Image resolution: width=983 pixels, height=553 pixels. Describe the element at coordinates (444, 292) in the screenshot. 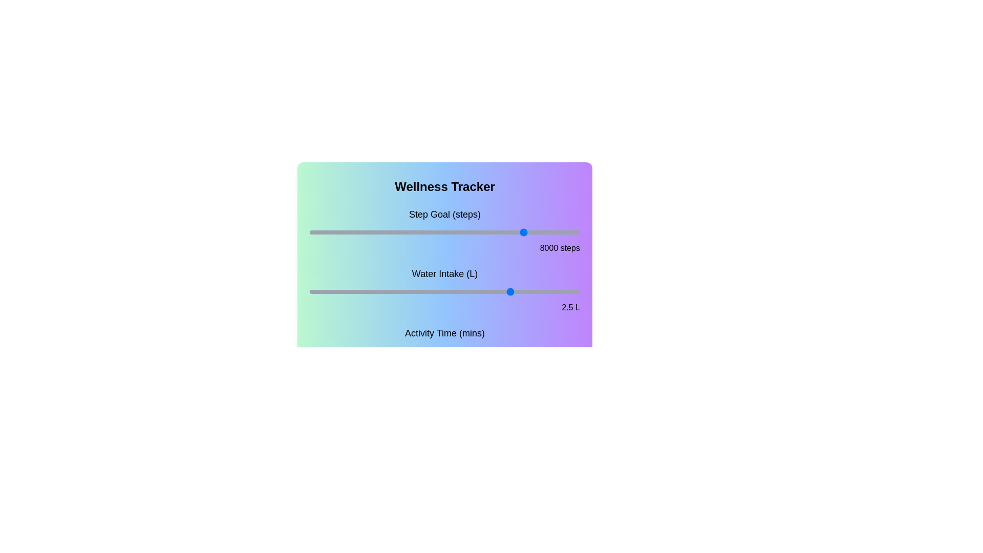

I see `the water intake slider to set the water intake to 2 liters` at that location.